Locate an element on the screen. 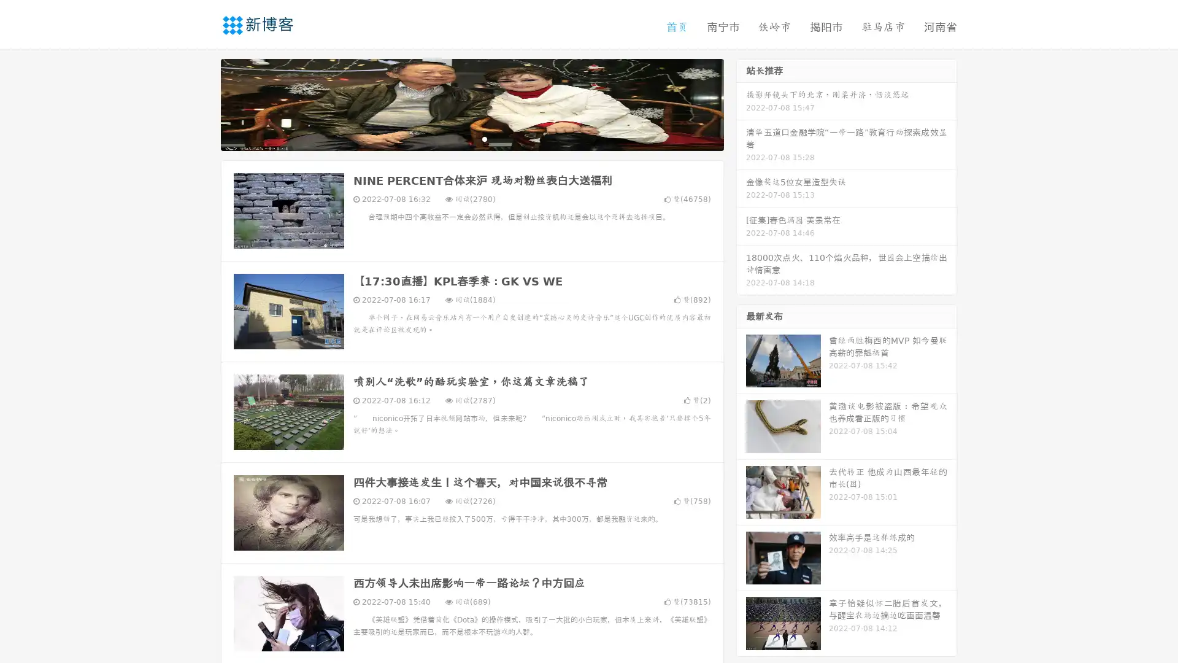 The image size is (1178, 663). Next slide is located at coordinates (741, 103).